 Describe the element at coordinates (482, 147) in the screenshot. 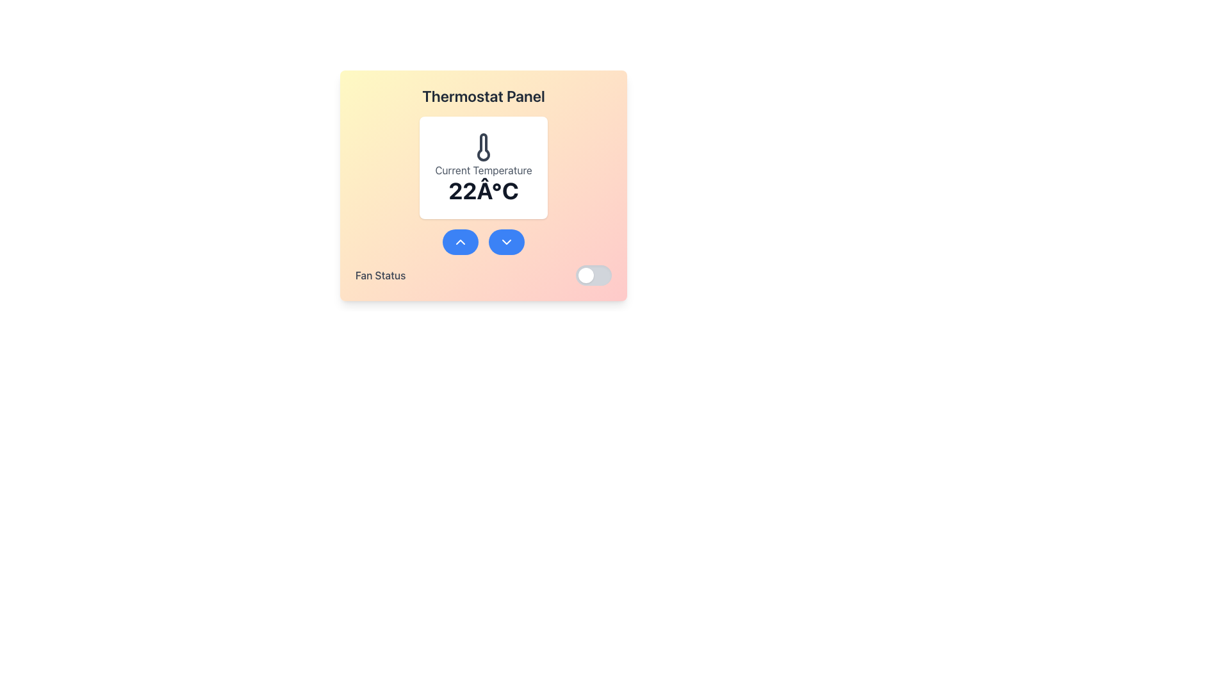

I see `the thermometer icon located at the top of the information card, which visually represents temperature measurement, positioned directly above the 'Current Temperature' text` at that location.